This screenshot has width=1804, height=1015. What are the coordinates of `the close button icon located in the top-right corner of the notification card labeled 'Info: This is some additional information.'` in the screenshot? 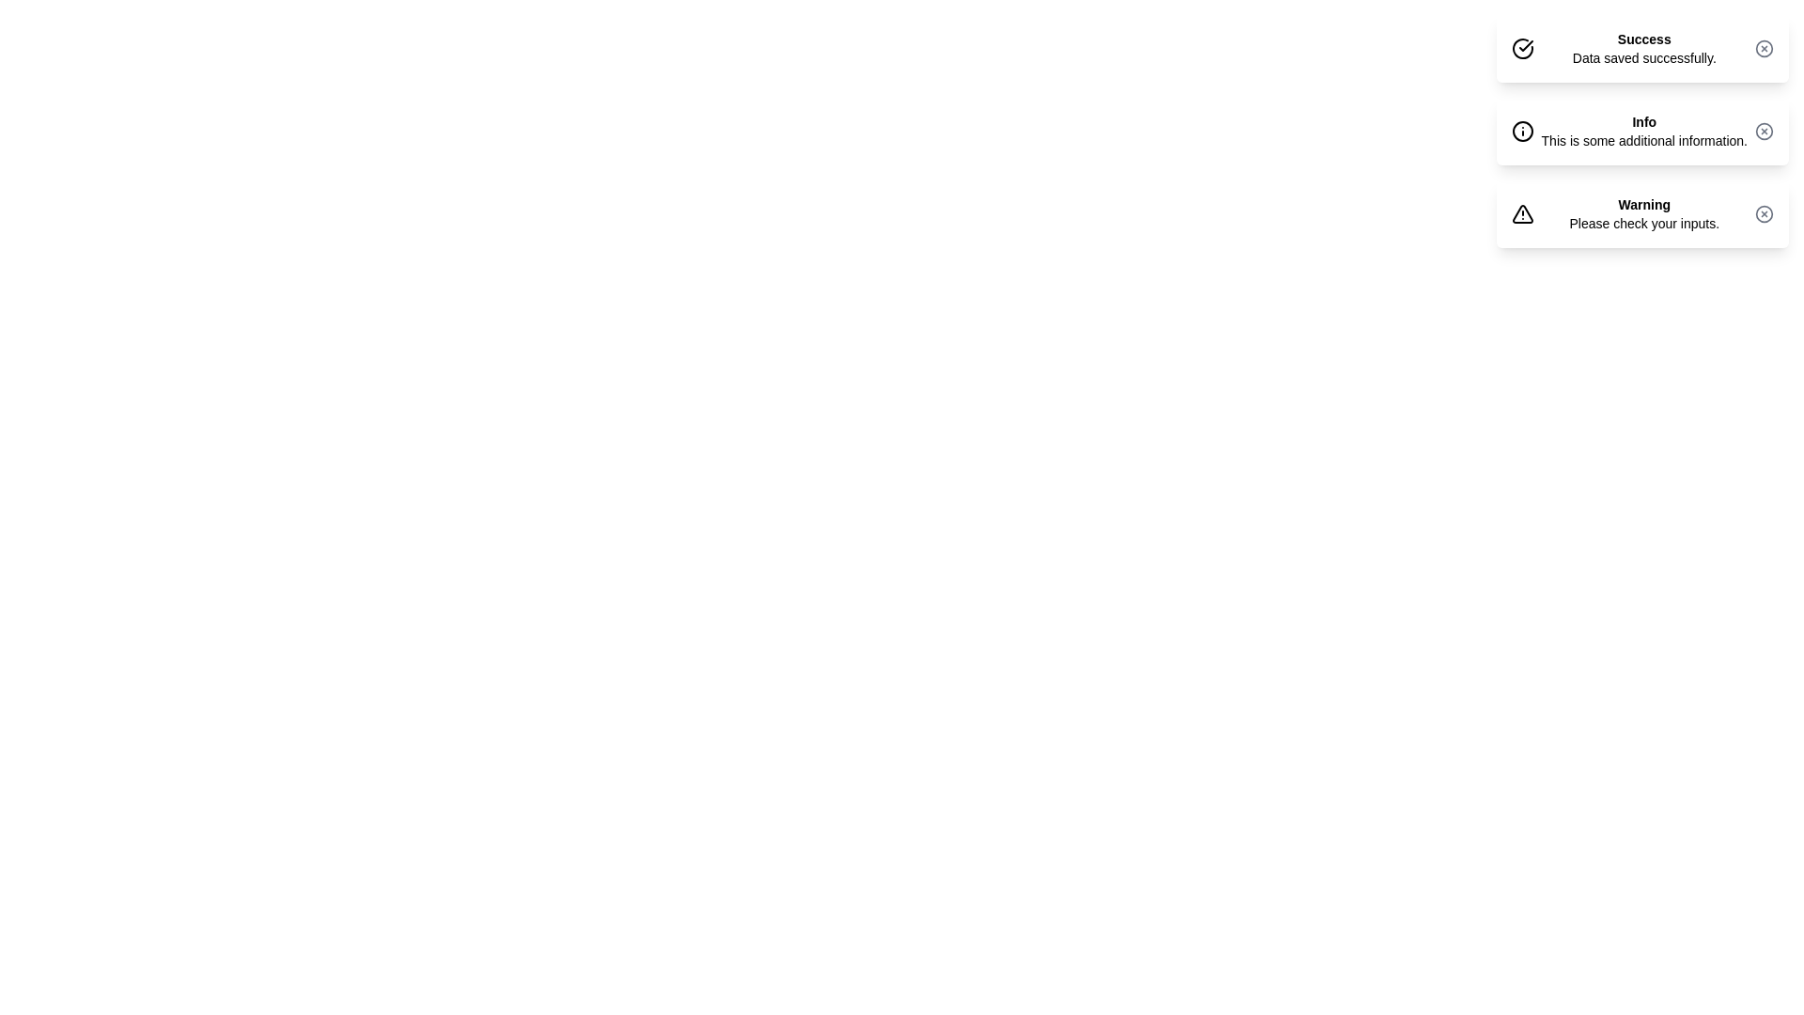 It's located at (1763, 130).